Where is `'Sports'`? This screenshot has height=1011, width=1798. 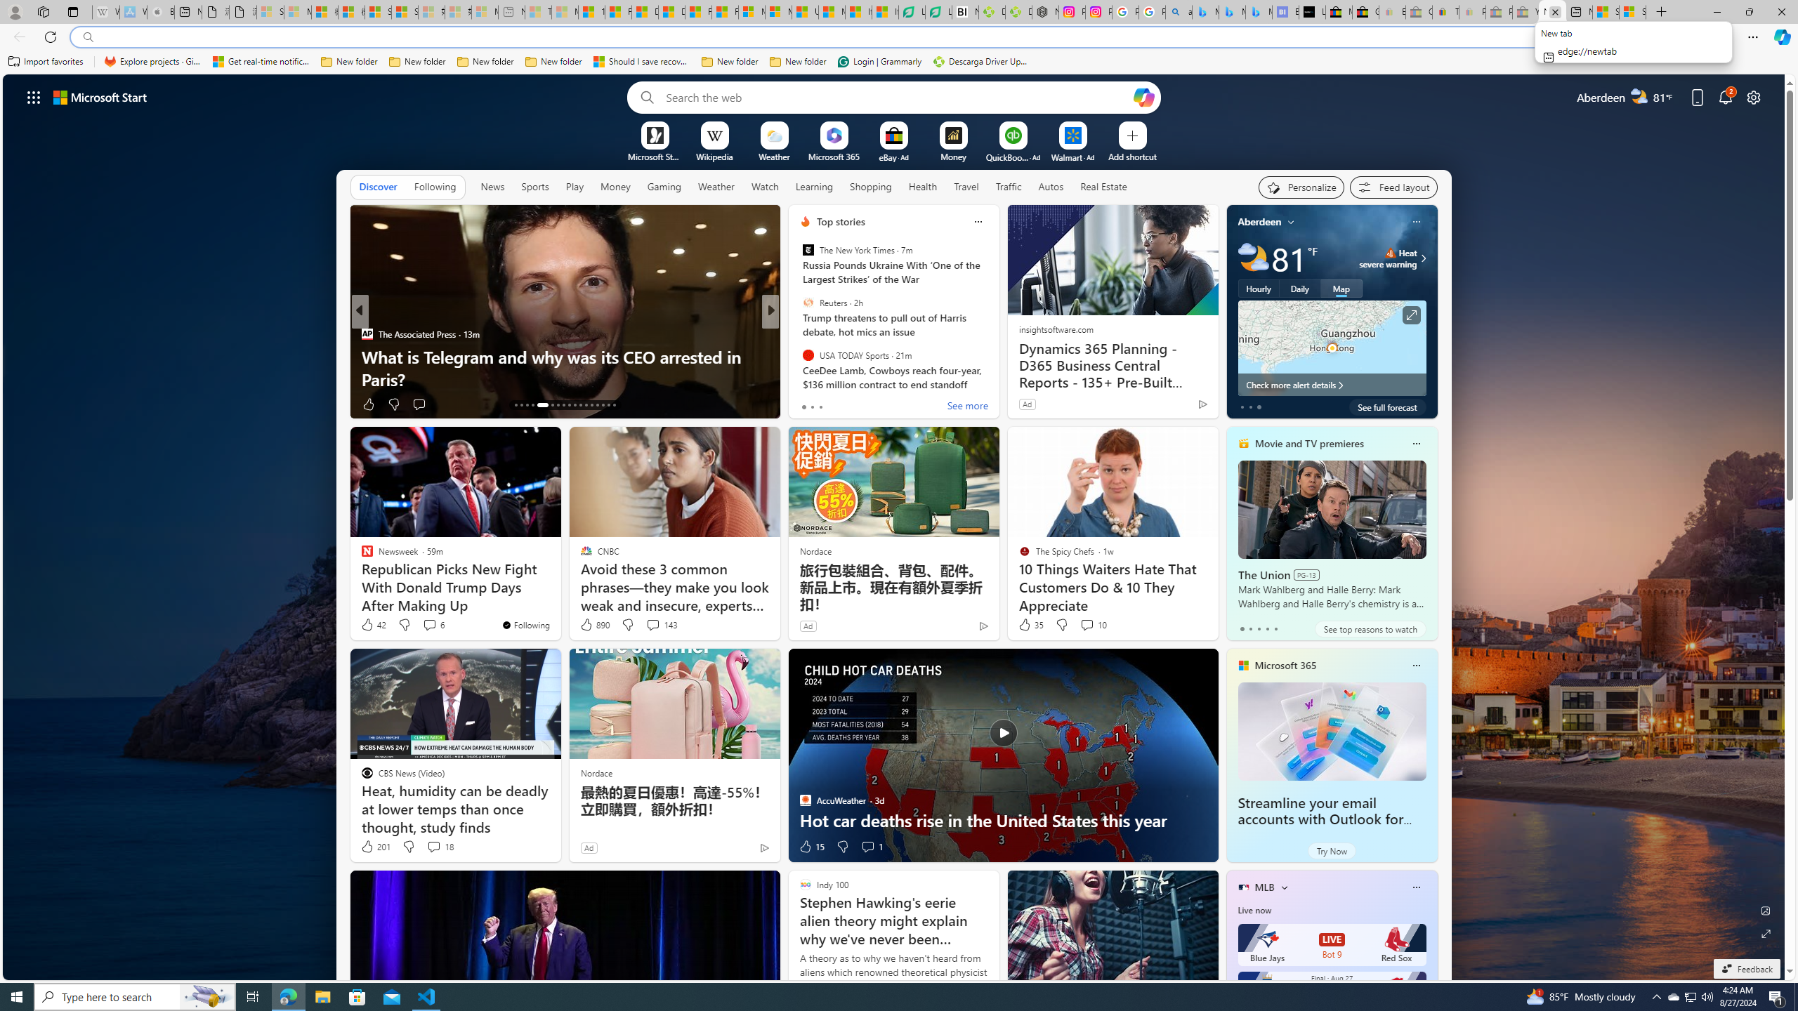
'Sports' is located at coordinates (534, 186).